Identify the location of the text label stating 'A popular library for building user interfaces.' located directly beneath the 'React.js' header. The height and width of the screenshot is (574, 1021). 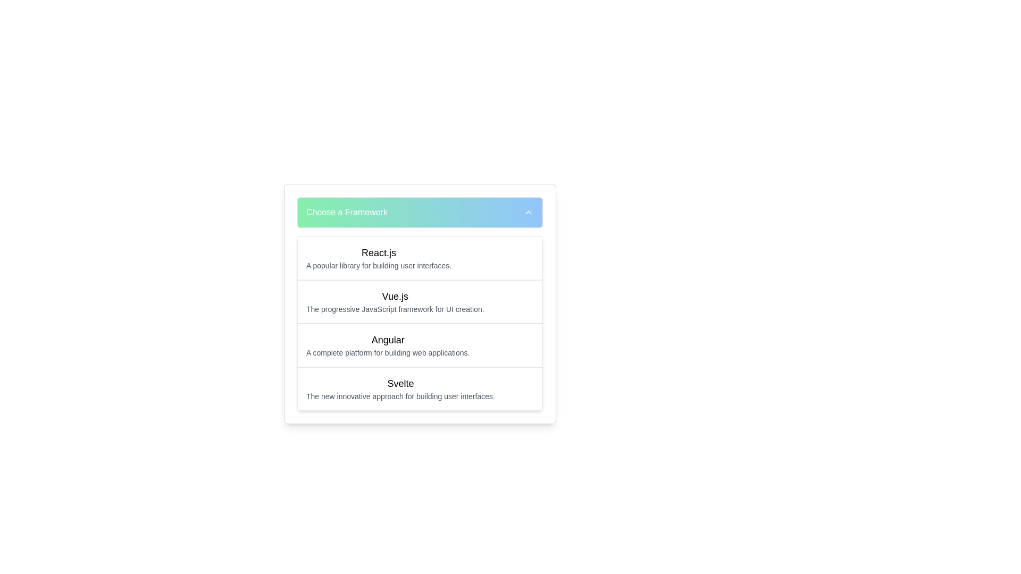
(379, 265).